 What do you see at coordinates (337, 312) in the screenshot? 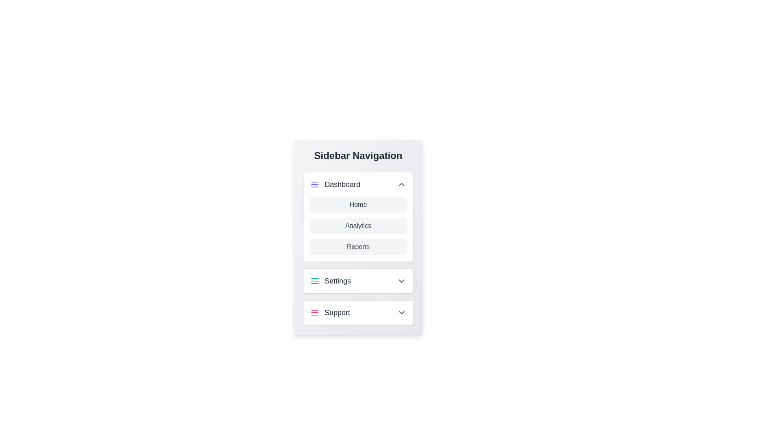
I see `the 'Support' text label in the sidebar navigation menu, which is positioned to the right of the menu icon under the 'Settings' section` at bounding box center [337, 312].